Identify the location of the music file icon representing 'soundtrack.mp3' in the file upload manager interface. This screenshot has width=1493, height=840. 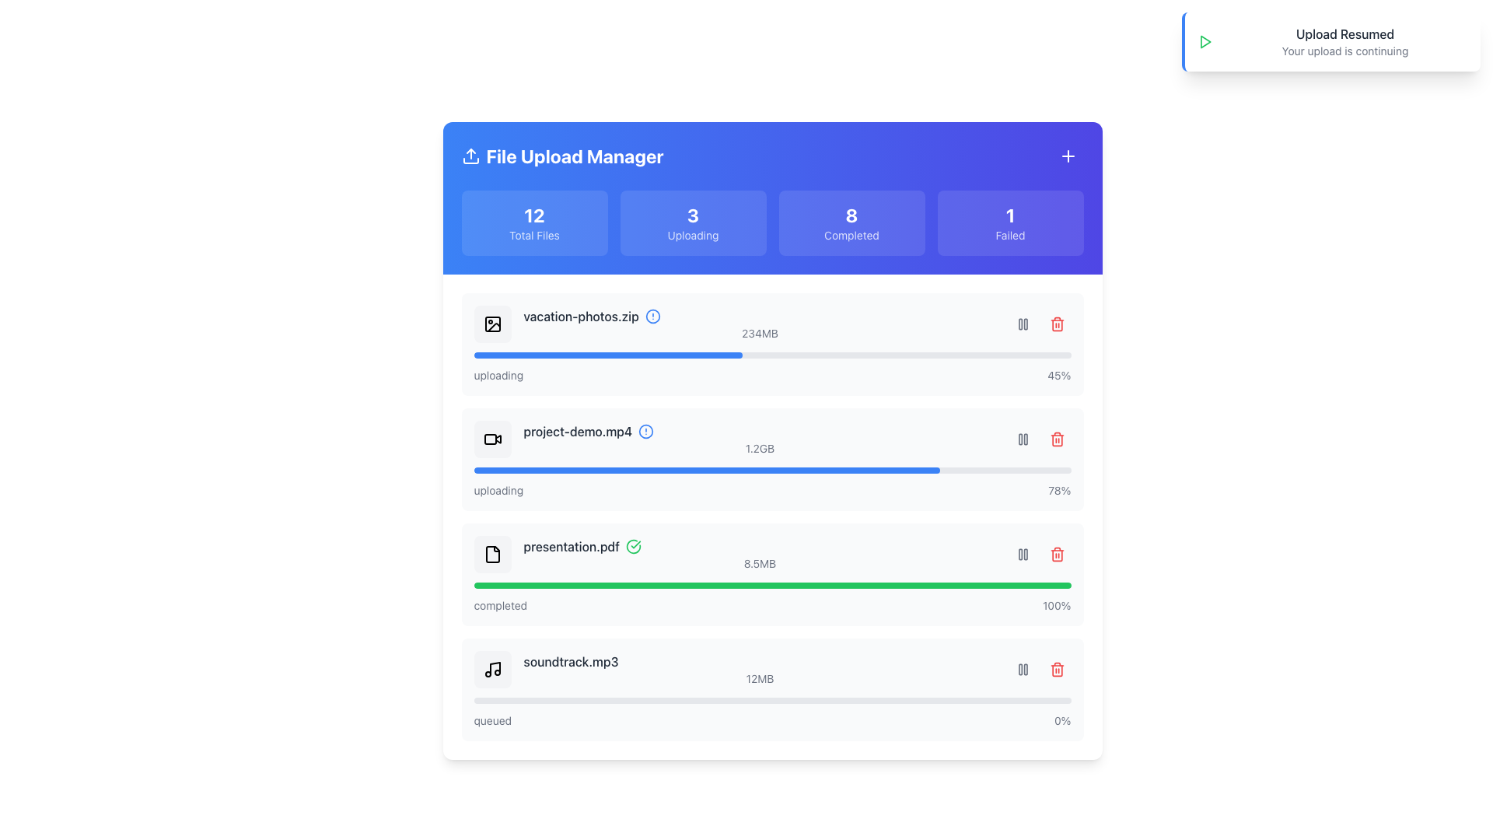
(491, 668).